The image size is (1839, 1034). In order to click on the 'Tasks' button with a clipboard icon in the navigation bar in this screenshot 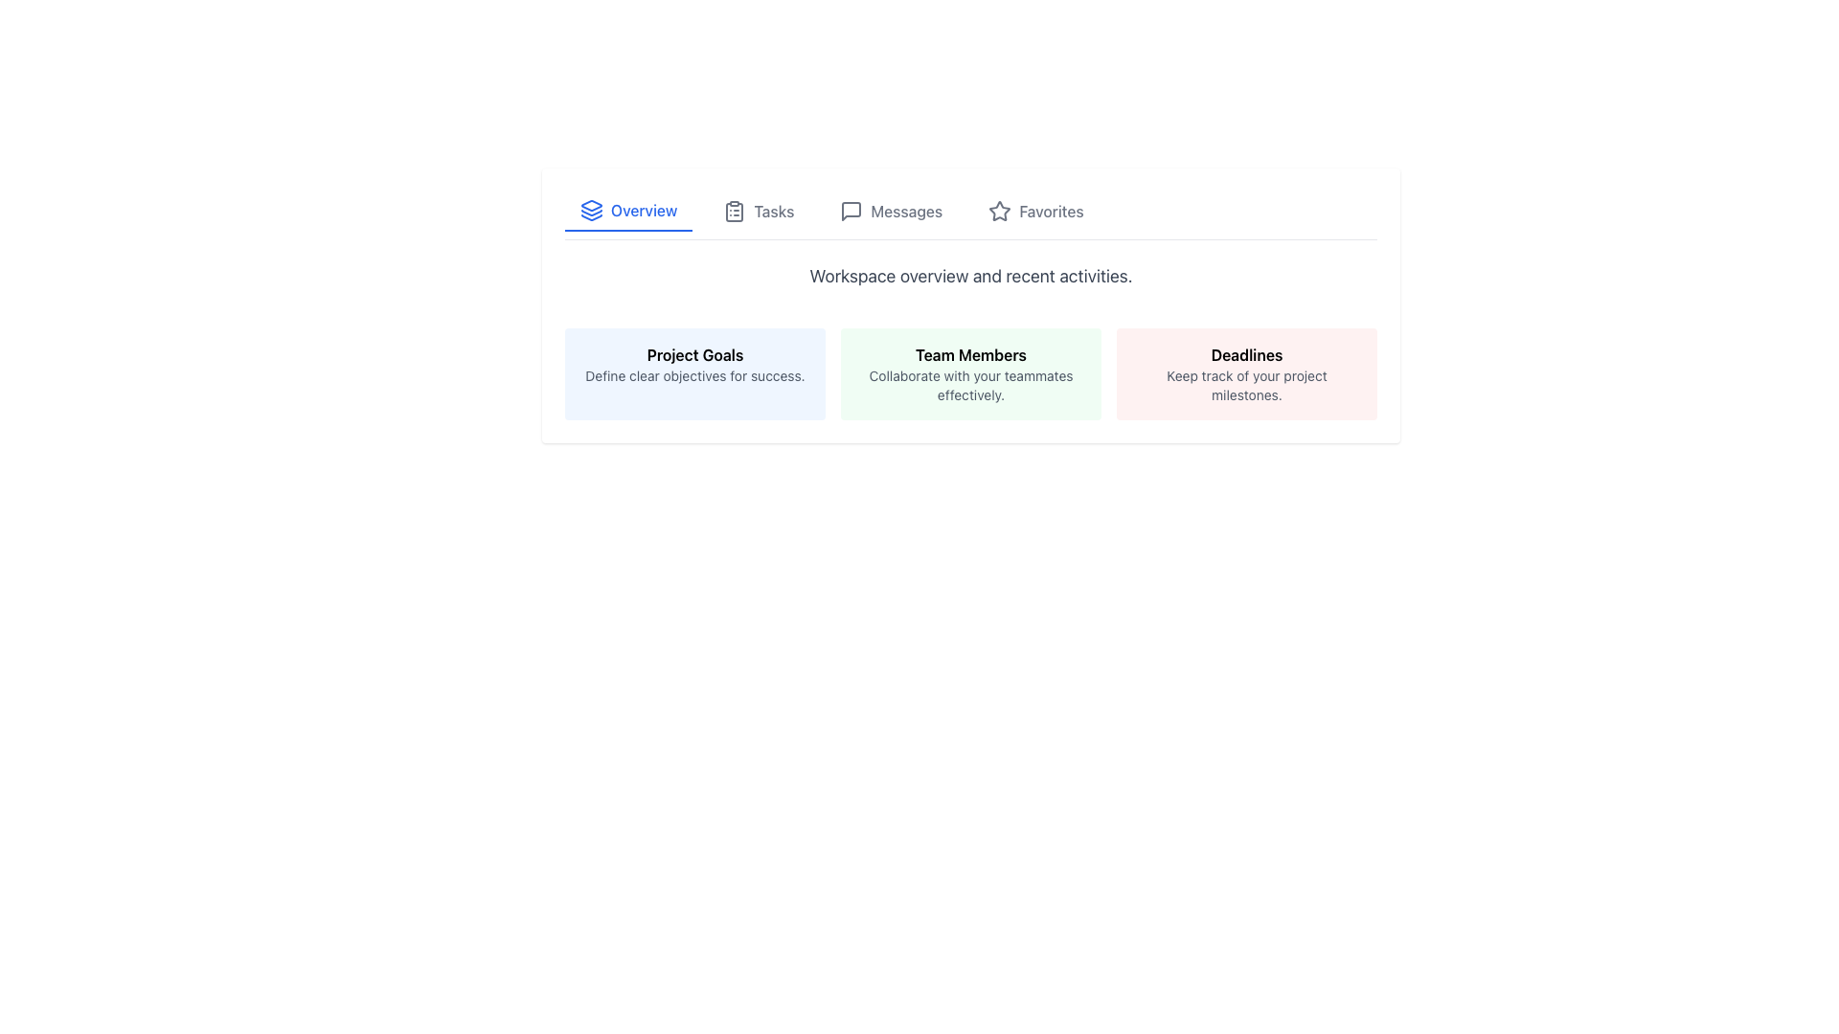, I will do `click(758, 211)`.